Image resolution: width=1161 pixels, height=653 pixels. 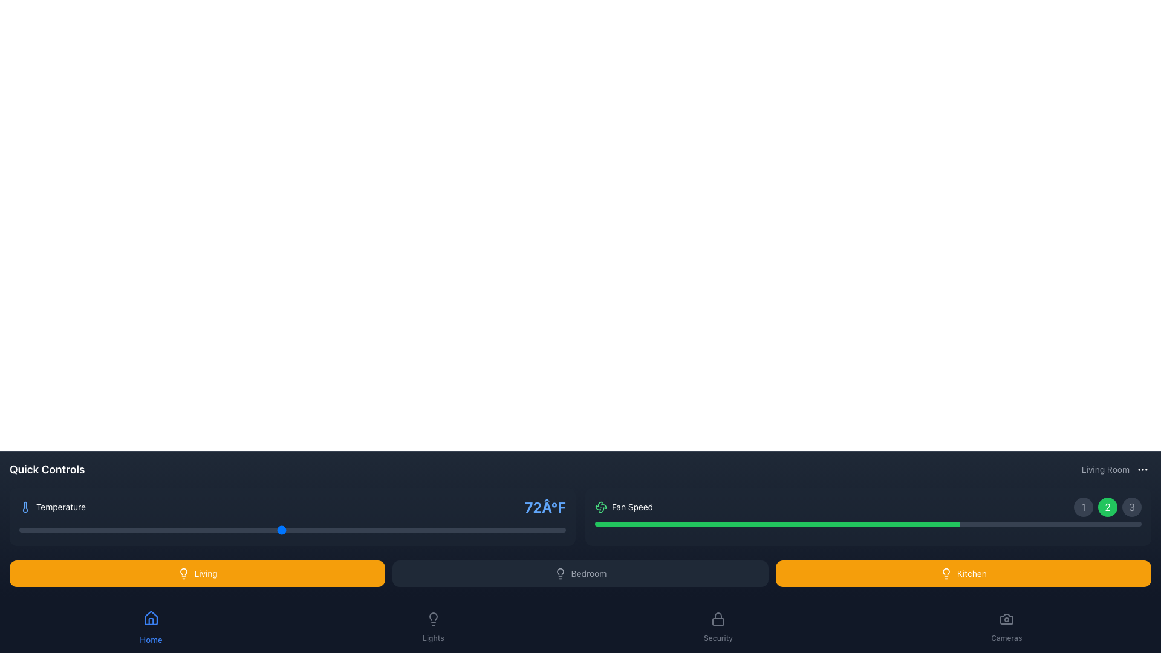 I want to click on the horizontally aligned ellipsis icon button located in the top-right corner of the 'Living Room' section, so click(x=1142, y=469).